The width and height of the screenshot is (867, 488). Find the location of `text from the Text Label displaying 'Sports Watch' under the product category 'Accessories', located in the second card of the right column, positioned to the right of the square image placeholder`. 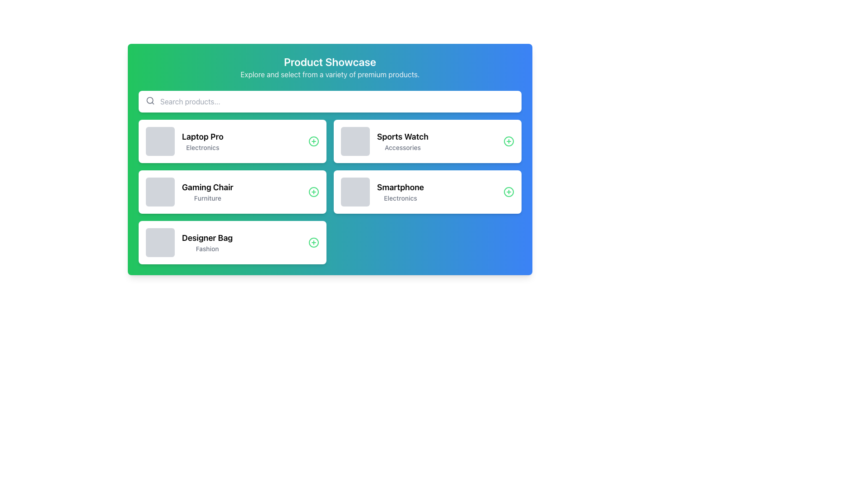

text from the Text Label displaying 'Sports Watch' under the product category 'Accessories', located in the second card of the right column, positioned to the right of the square image placeholder is located at coordinates (402, 141).